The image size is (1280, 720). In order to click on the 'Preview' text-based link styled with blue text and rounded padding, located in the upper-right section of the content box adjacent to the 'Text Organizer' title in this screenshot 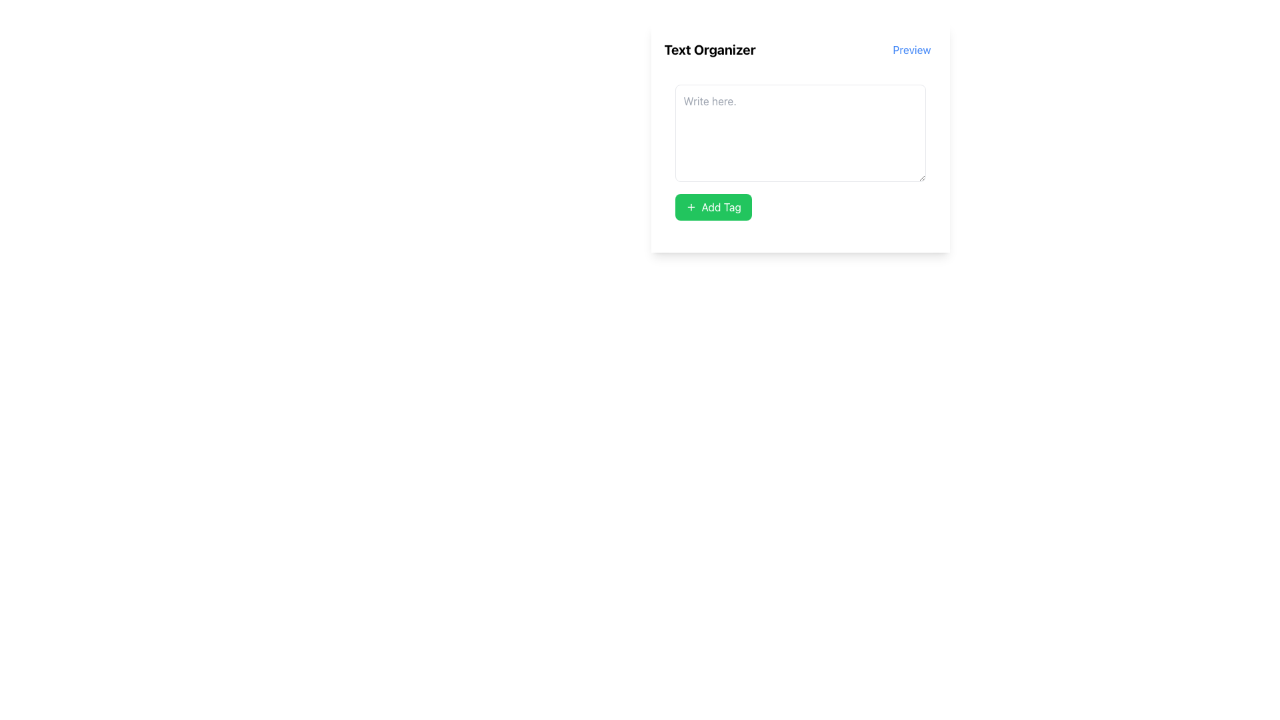, I will do `click(911, 49)`.